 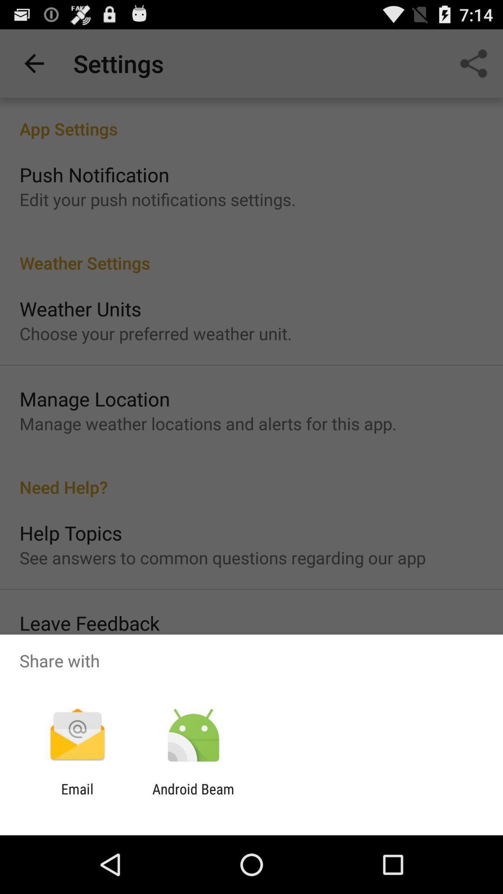 What do you see at coordinates (77, 797) in the screenshot?
I see `icon next to the android beam app` at bounding box center [77, 797].